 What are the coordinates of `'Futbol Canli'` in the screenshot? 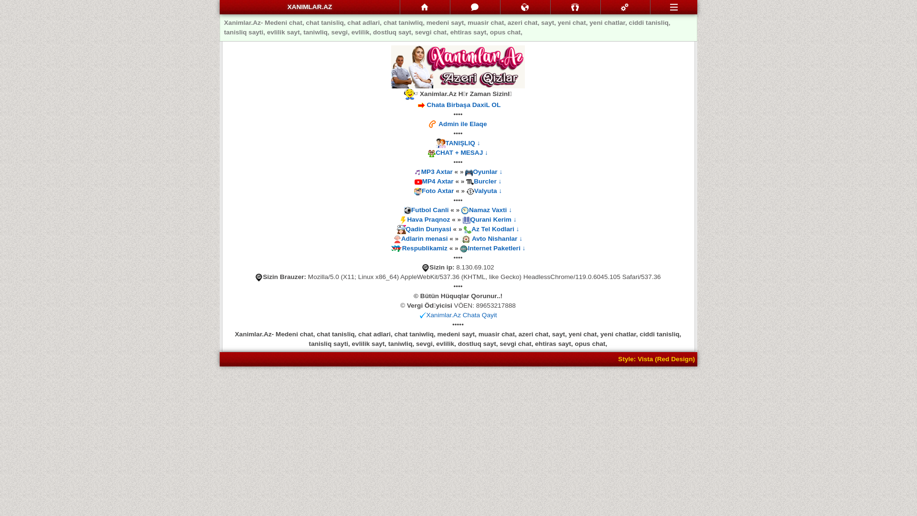 It's located at (429, 209).